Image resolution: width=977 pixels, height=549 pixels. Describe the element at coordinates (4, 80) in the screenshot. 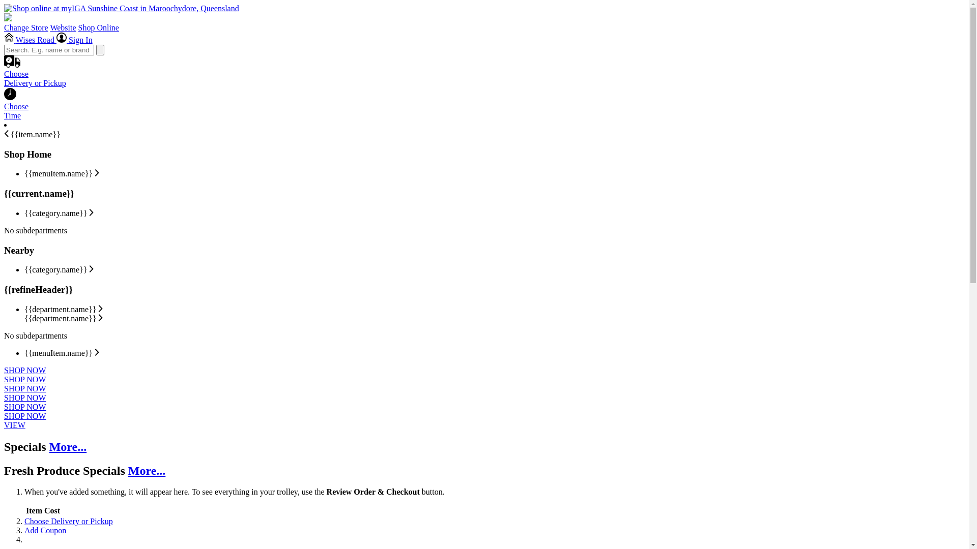

I see `'Choose` at that location.